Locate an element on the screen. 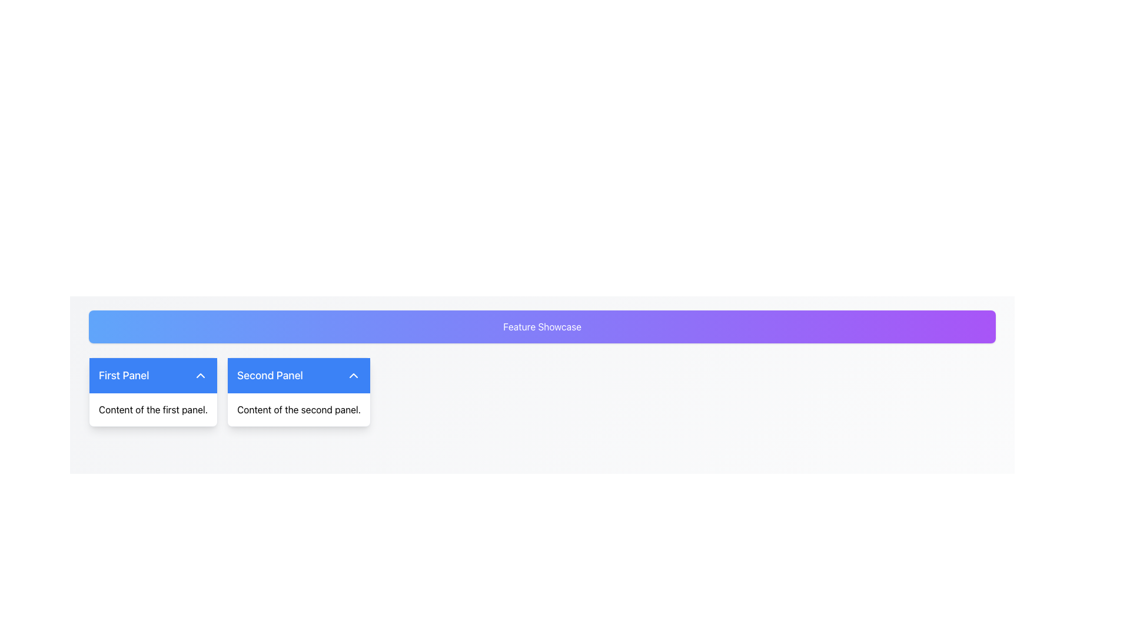  the static text label located beneath the header of the 'First Panel', which provides additional context to the user is located at coordinates (152, 409).